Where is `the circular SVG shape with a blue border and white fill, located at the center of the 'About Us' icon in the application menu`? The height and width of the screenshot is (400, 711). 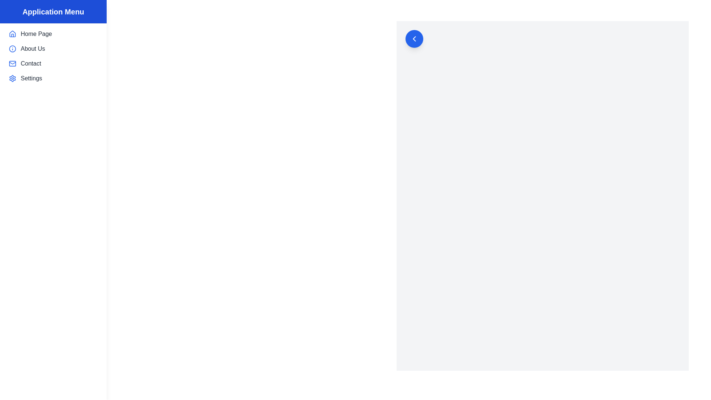 the circular SVG shape with a blue border and white fill, located at the center of the 'About Us' icon in the application menu is located at coordinates (12, 49).